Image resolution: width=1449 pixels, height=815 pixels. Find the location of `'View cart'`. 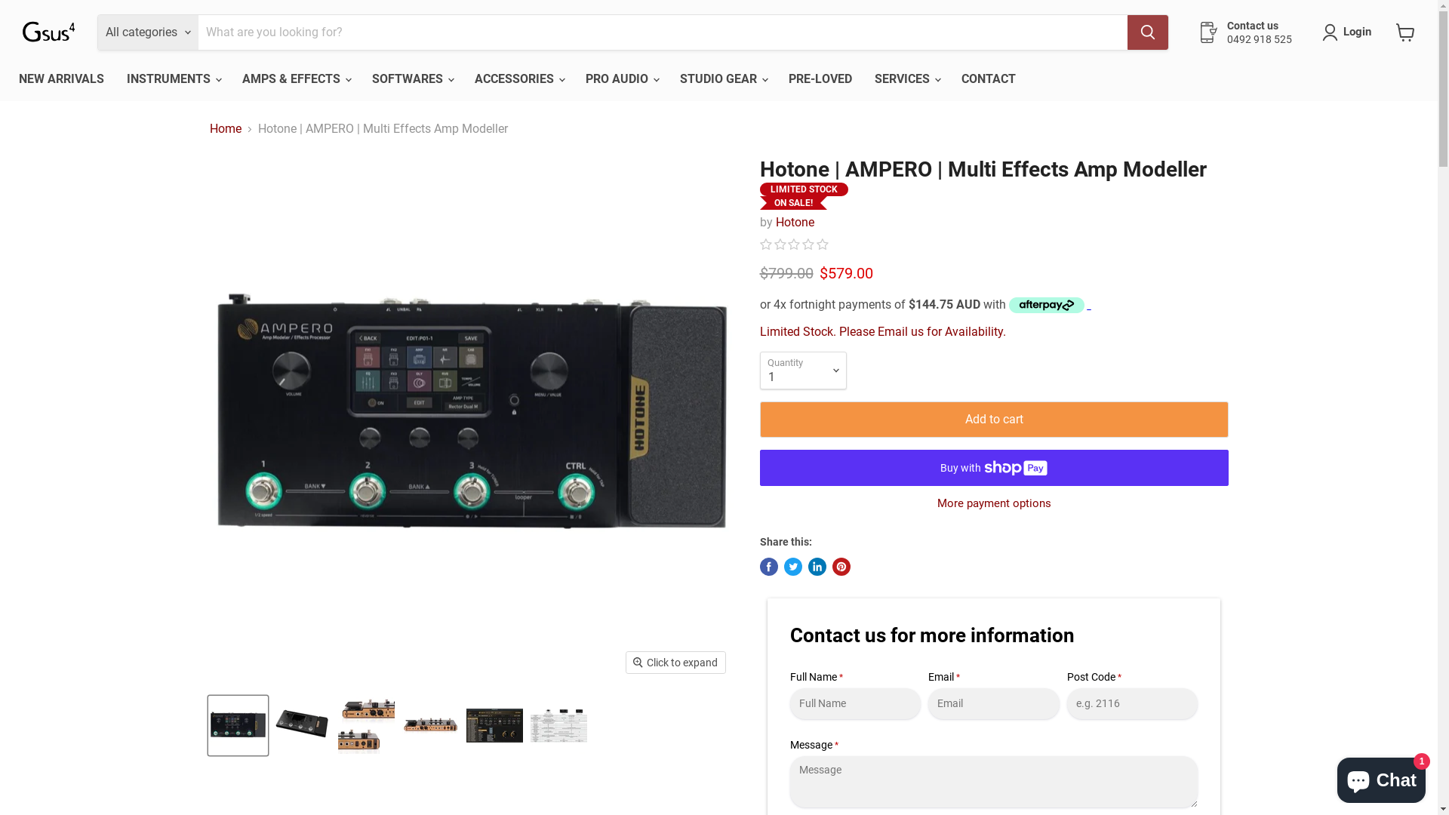

'View cart' is located at coordinates (1388, 32).